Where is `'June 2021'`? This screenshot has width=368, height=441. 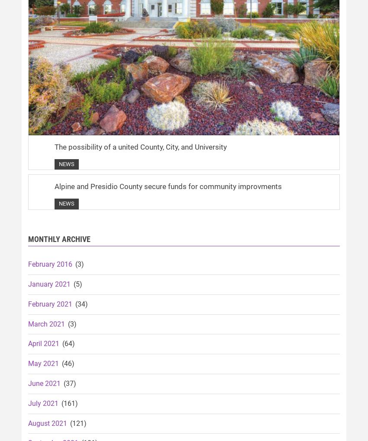
'June 2021' is located at coordinates (44, 383).